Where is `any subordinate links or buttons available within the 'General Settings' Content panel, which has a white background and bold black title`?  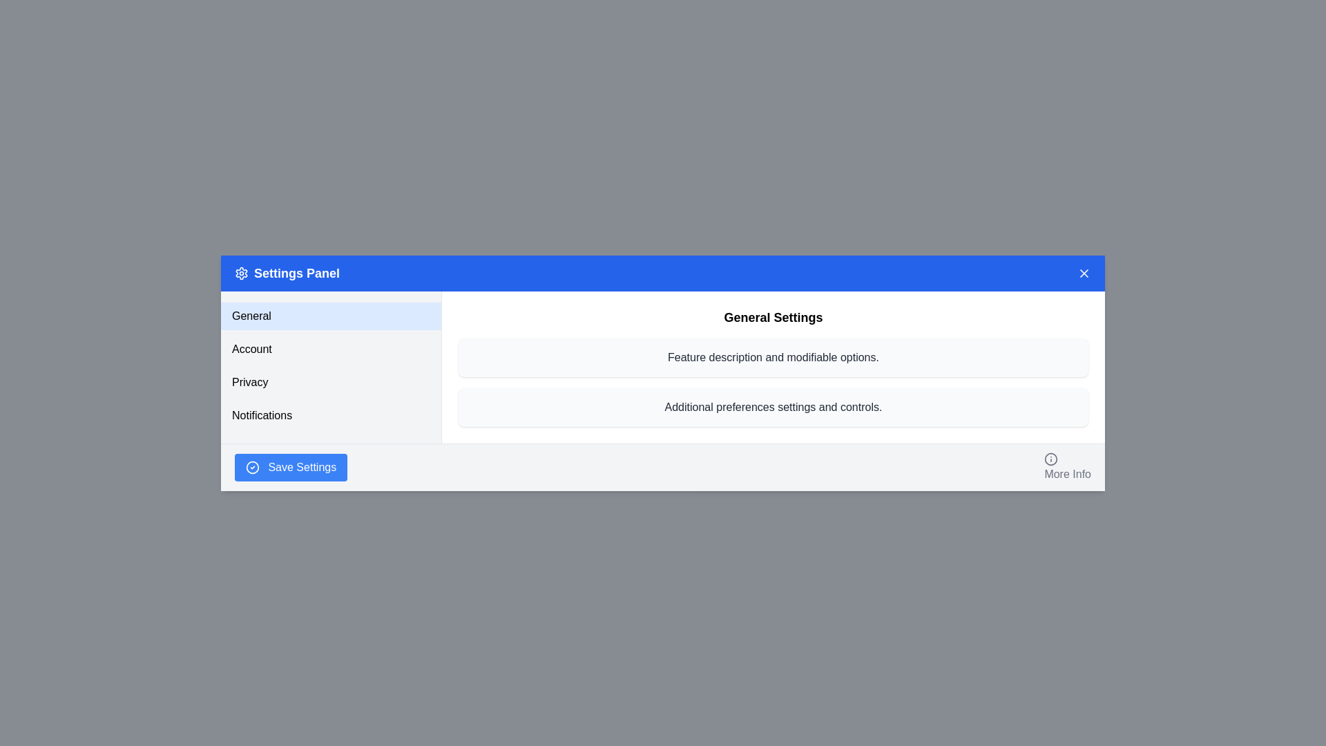 any subordinate links or buttons available within the 'General Settings' Content panel, which has a white background and bold black title is located at coordinates (772, 366).